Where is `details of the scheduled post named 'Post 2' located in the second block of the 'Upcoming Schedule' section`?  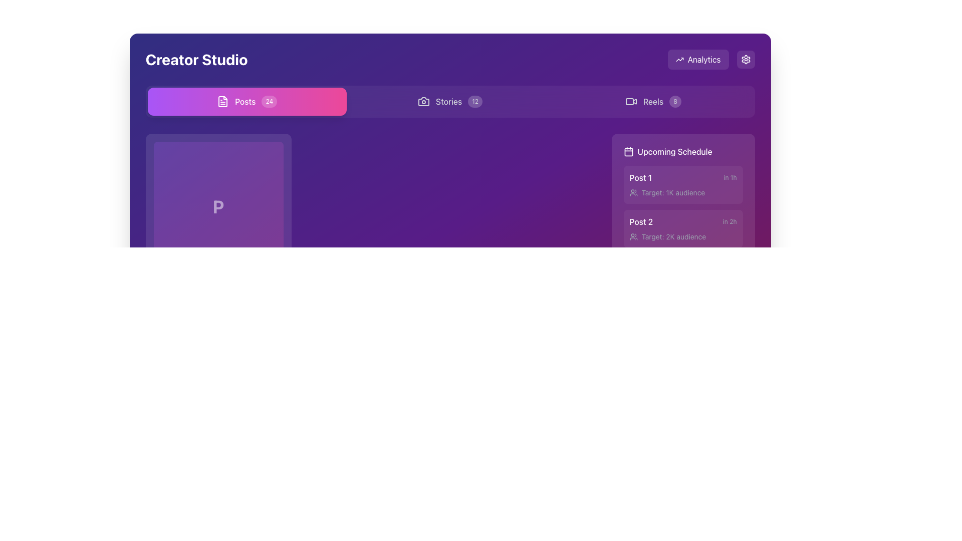
details of the scheduled post named 'Post 2' located in the second block of the 'Upcoming Schedule' section is located at coordinates (682, 228).